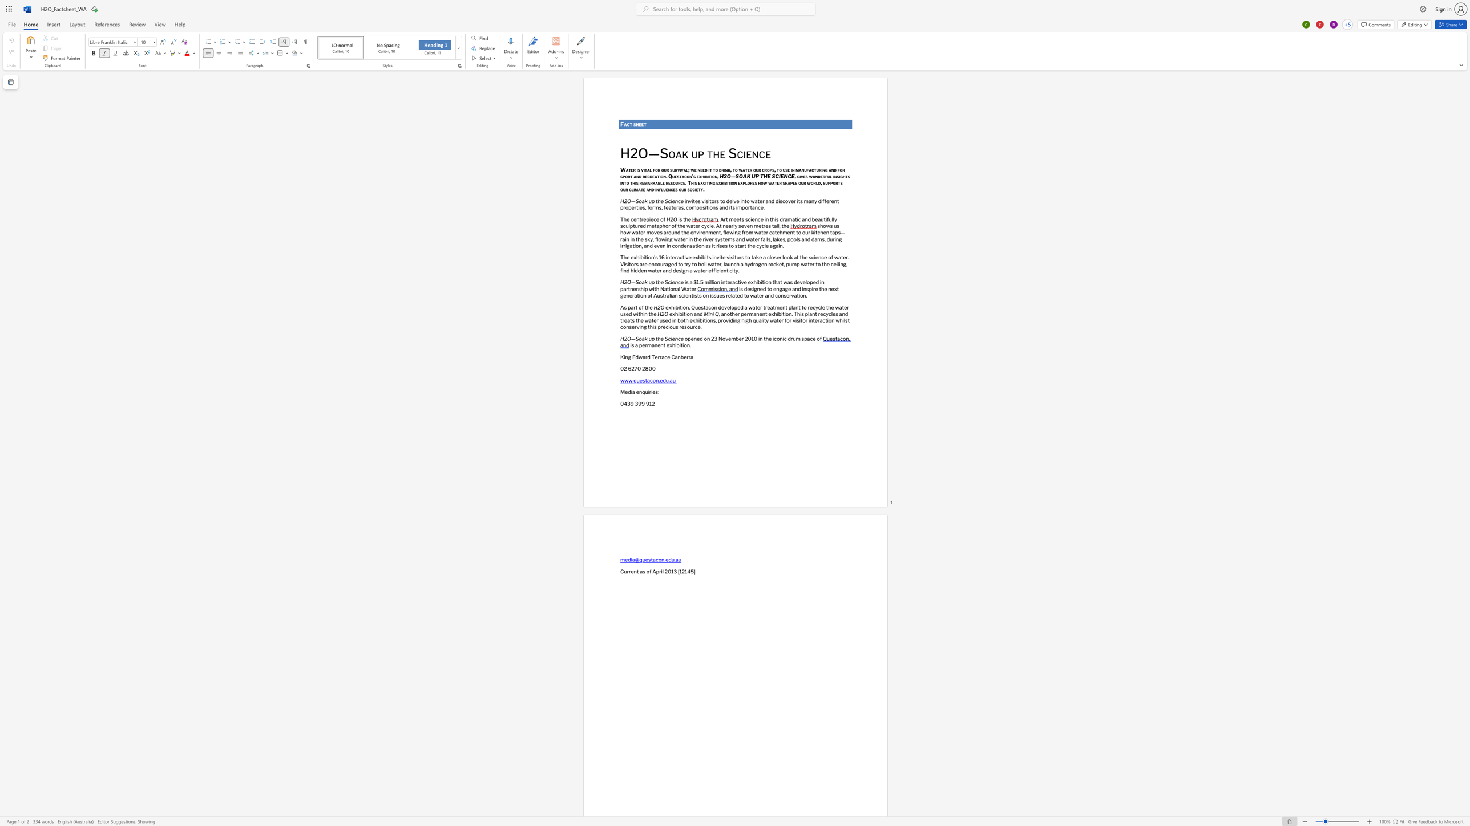 This screenshot has height=826, width=1470. I want to click on the 1th character "a" in the text, so click(647, 189).